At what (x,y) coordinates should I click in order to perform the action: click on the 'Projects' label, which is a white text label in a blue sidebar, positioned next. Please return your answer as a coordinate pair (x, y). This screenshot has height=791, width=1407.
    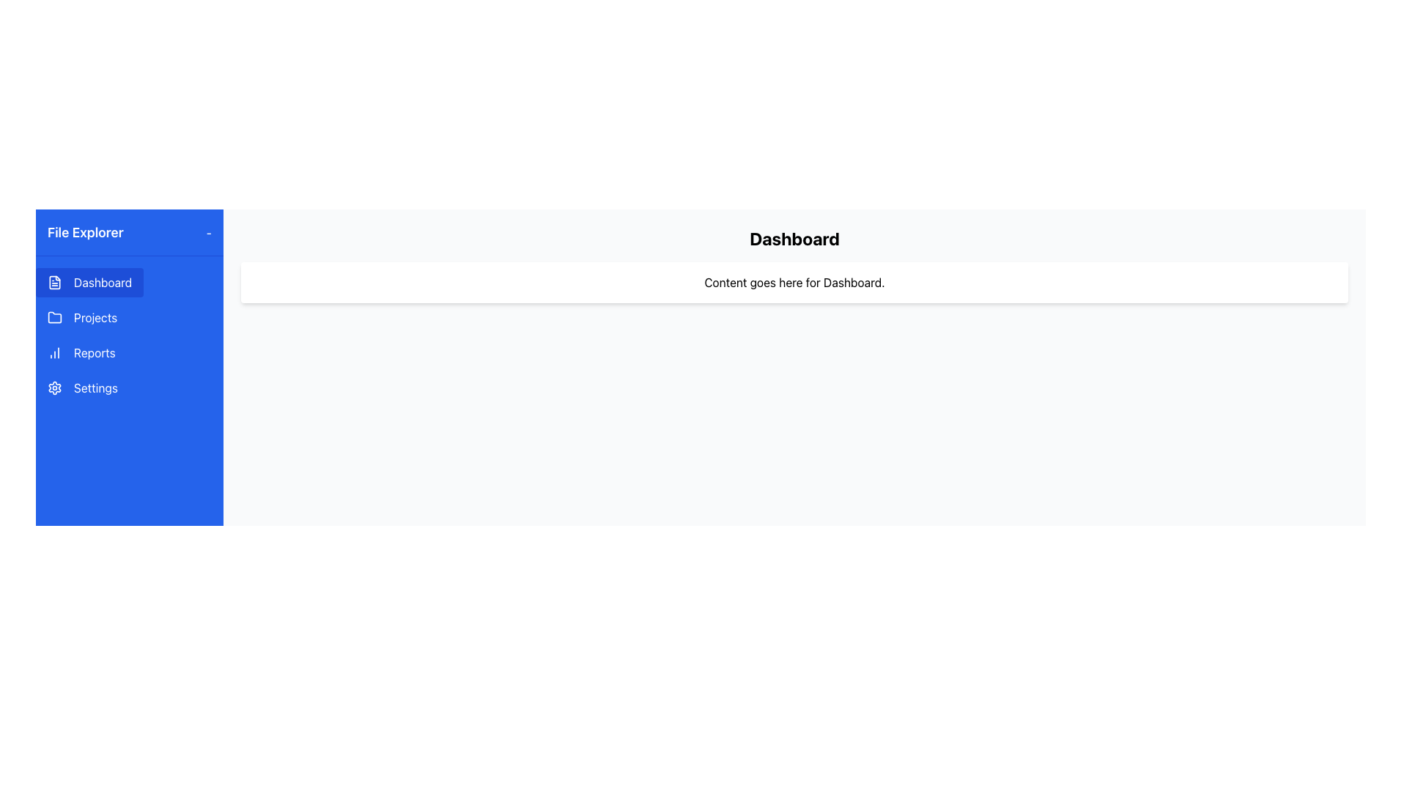
    Looking at the image, I should click on (95, 317).